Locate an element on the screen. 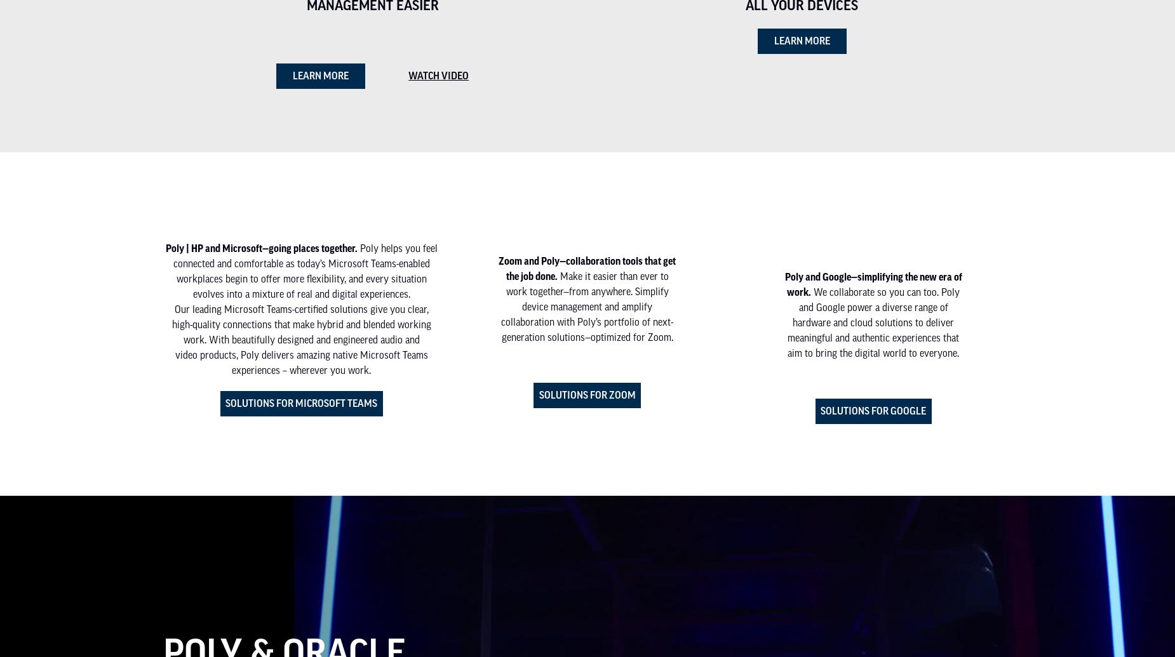  'Poly helps you feel connected and comfortable as today’s Microsoft Teams-enabled workplaces begin to offer more flexibility, and every situation evolves into a mixture of real and digital experiences. Our leading Microsoft Teams-certified solutions give you clear, high-quality connections that make hybrid and blended working work. With beautifully designed and engineered audio and video products, Poly delivers amazing native Microsoft Teams experiences – wherever you work.' is located at coordinates (304, 309).